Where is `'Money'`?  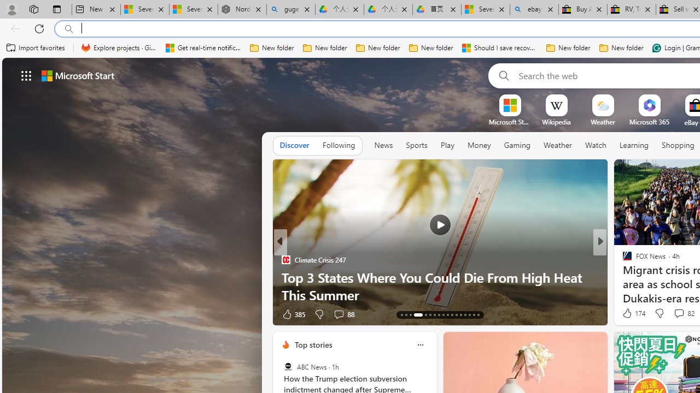
'Money' is located at coordinates (479, 145).